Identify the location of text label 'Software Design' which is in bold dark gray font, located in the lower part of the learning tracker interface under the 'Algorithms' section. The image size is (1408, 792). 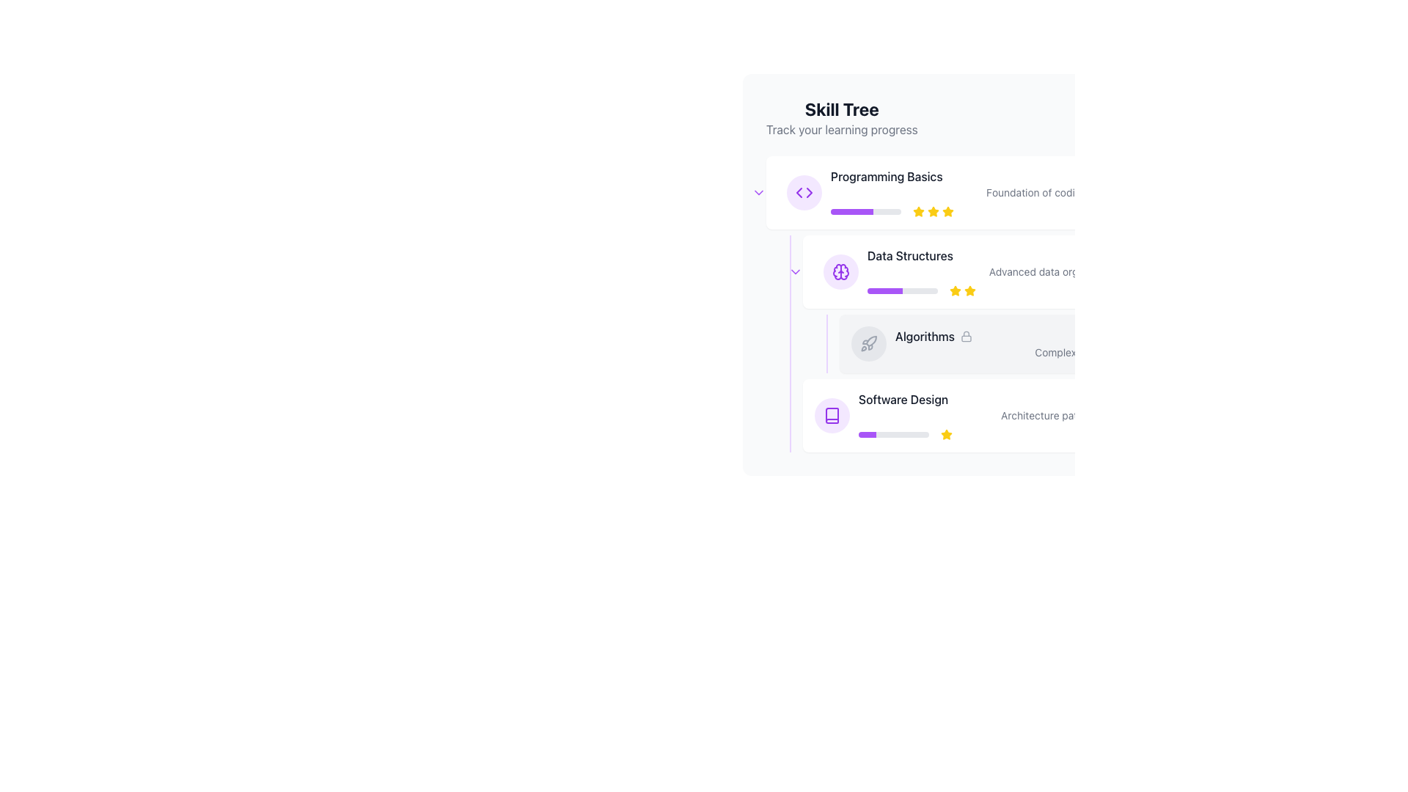
(903, 399).